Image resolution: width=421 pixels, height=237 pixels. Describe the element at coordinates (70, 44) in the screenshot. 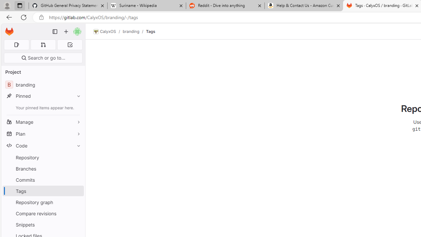

I see `'To-Do list 0'` at that location.